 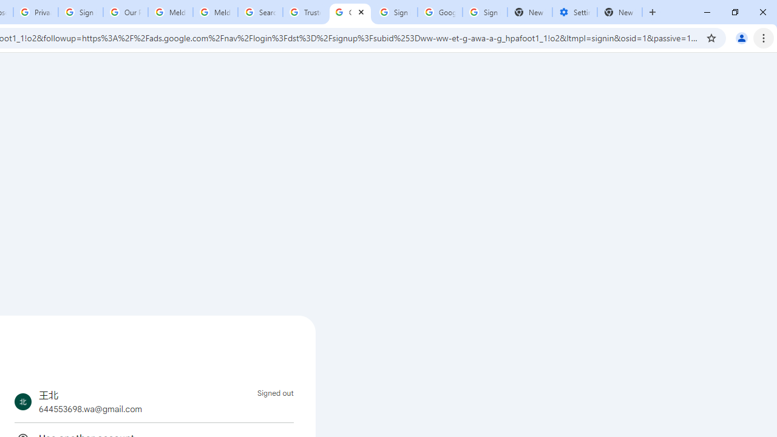 I want to click on 'Search our Doodle Library Collection - Google Doodles', so click(x=259, y=12).